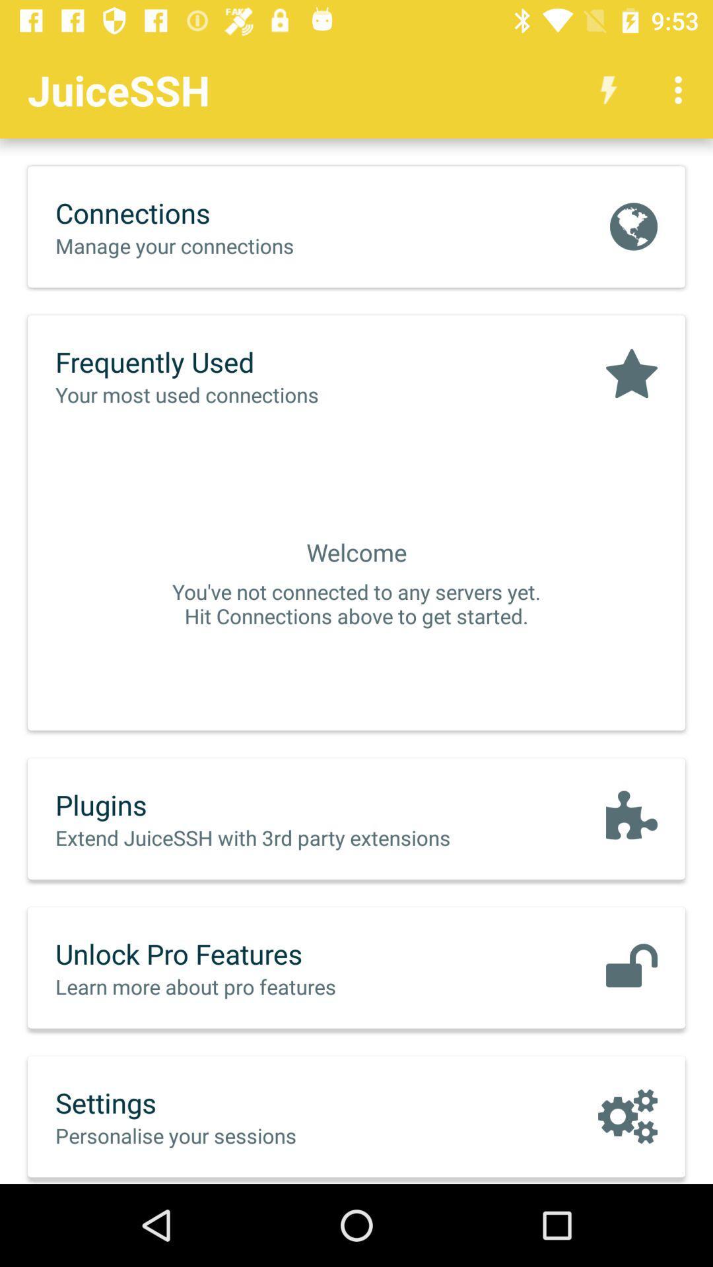 This screenshot has height=1267, width=713. What do you see at coordinates (280, 804) in the screenshot?
I see `the plugins item` at bounding box center [280, 804].